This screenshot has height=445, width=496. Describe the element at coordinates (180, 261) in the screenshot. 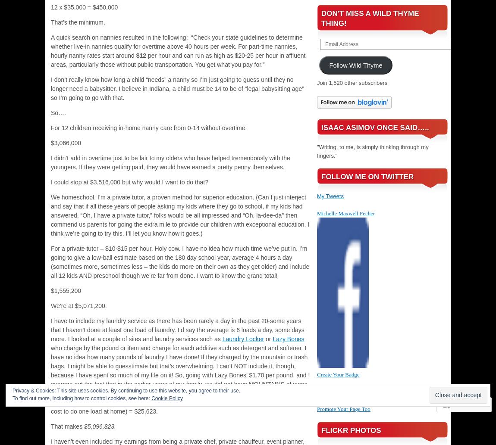

I see `'For a private tutor – $10-$15 per hour. Holy cow. I have no idea how much time we’ve put in. I’m going to give a low-ball estimate based on the 180 day school year, average 4 hours a day (sometimes more, sometimes less – the kids do more on their own as they get older) and include all 12 kids AND preschool though we’re far from done. I want to know the grand total!'` at that location.